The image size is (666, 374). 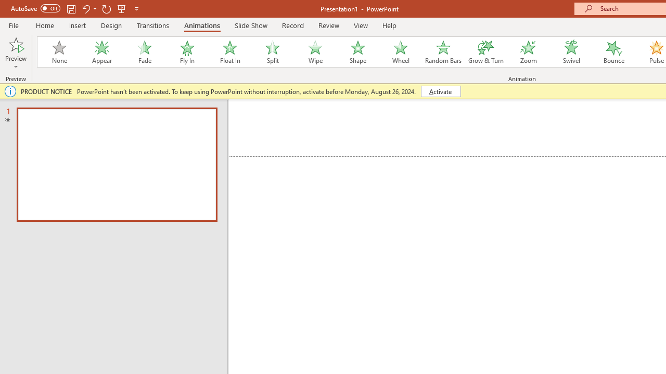 I want to click on 'Grow & Turn', so click(x=485, y=52).